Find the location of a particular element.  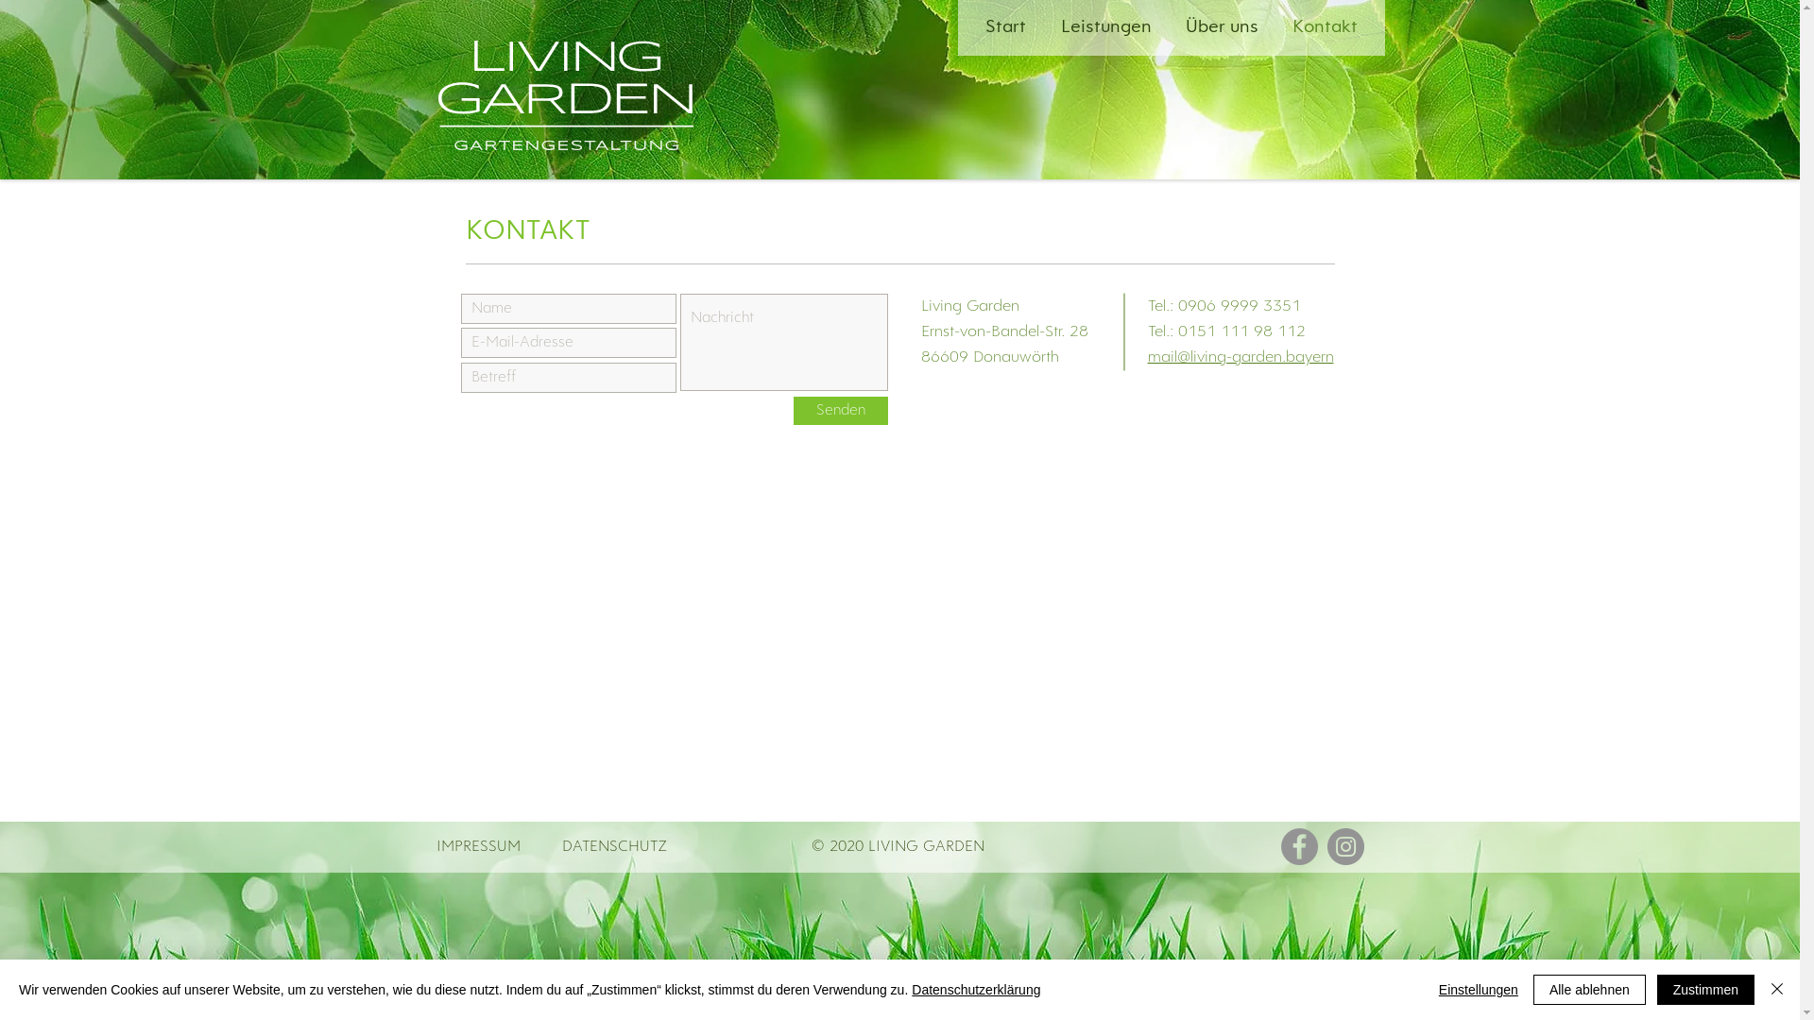

'IMPRESSUM' is located at coordinates (435, 845).